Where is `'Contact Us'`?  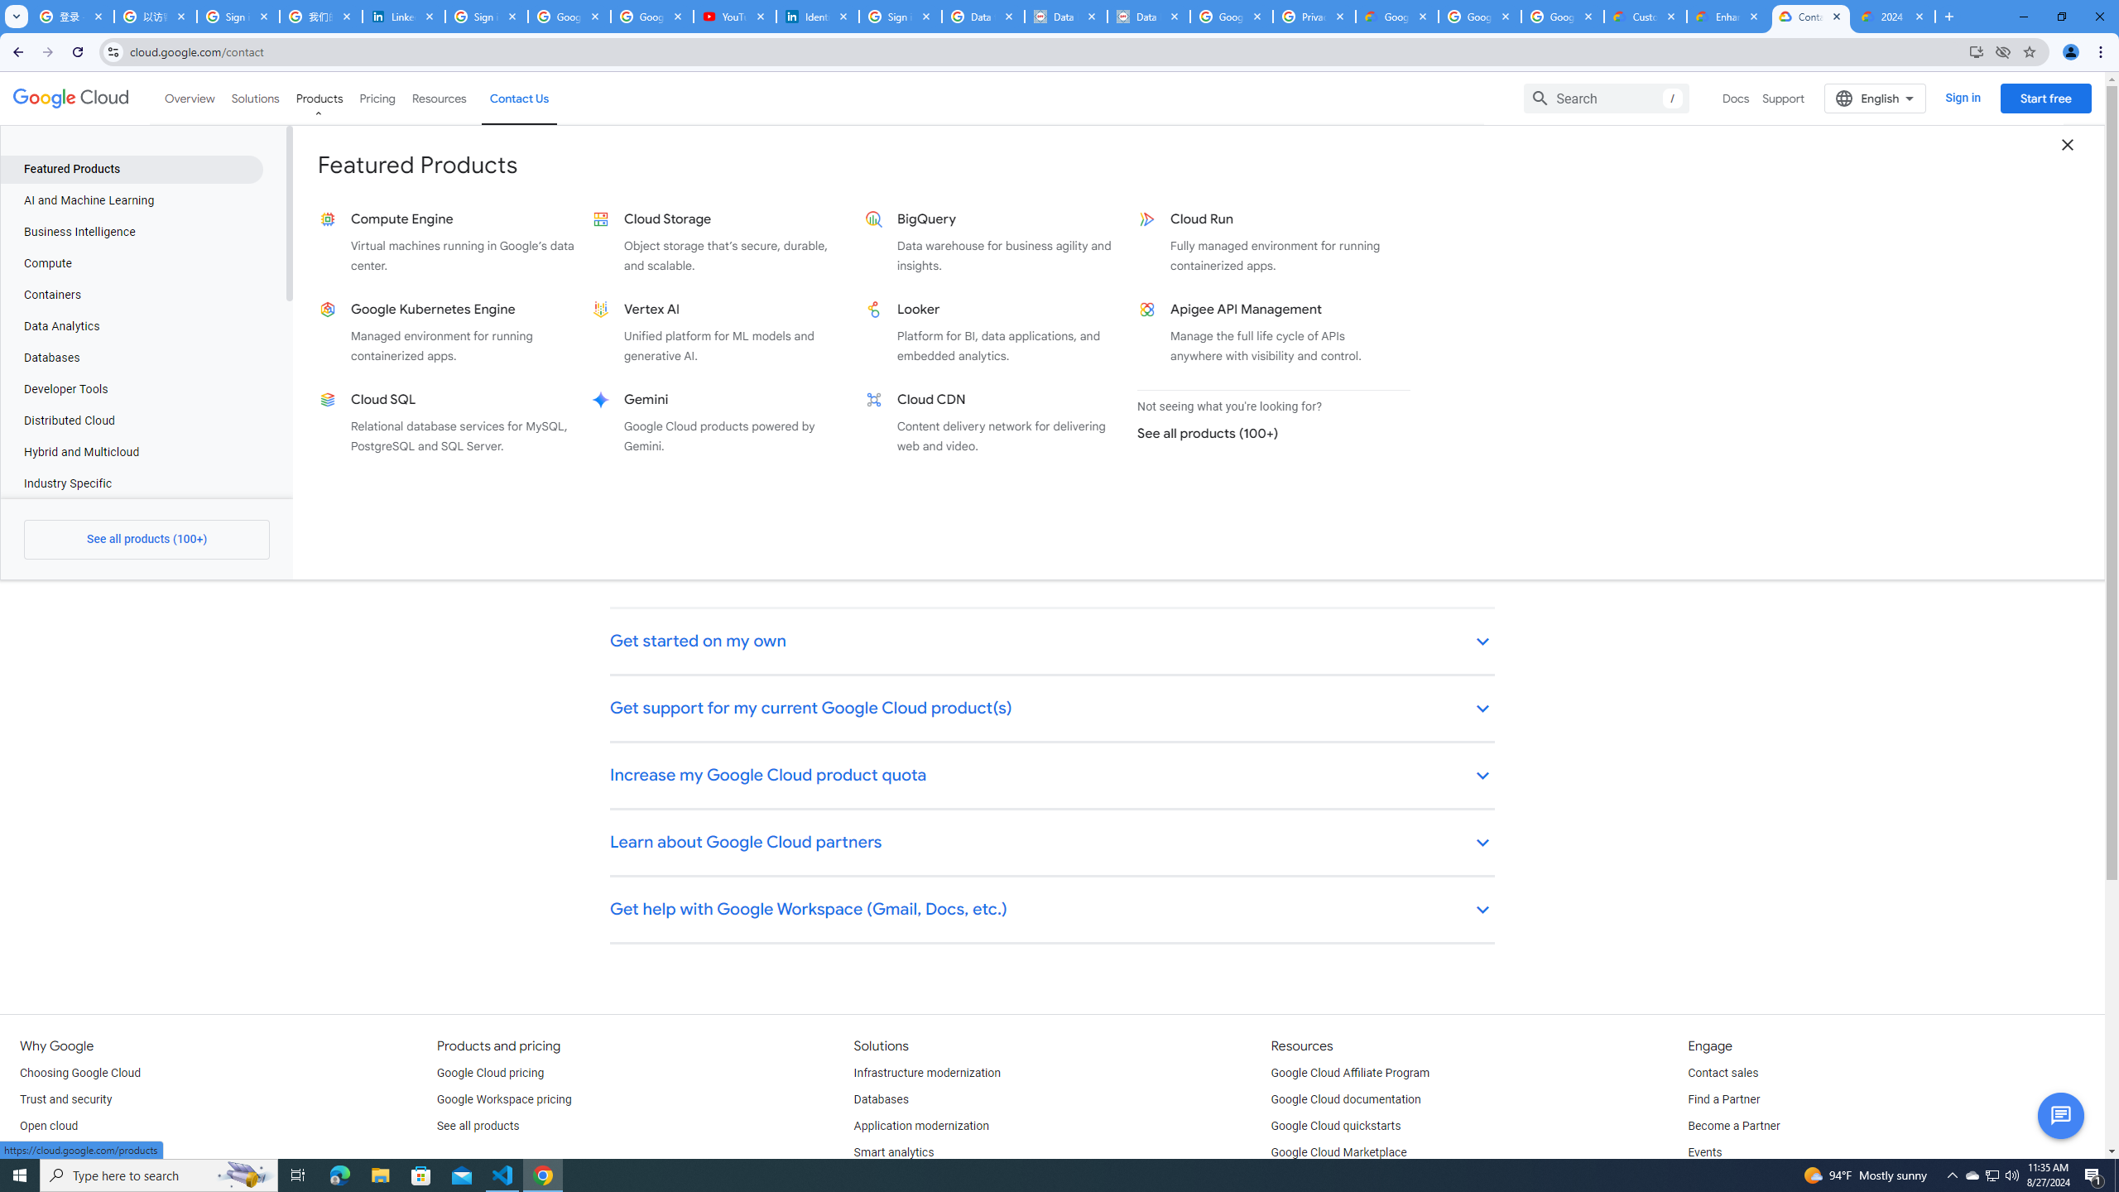 'Contact Us' is located at coordinates (519, 98).